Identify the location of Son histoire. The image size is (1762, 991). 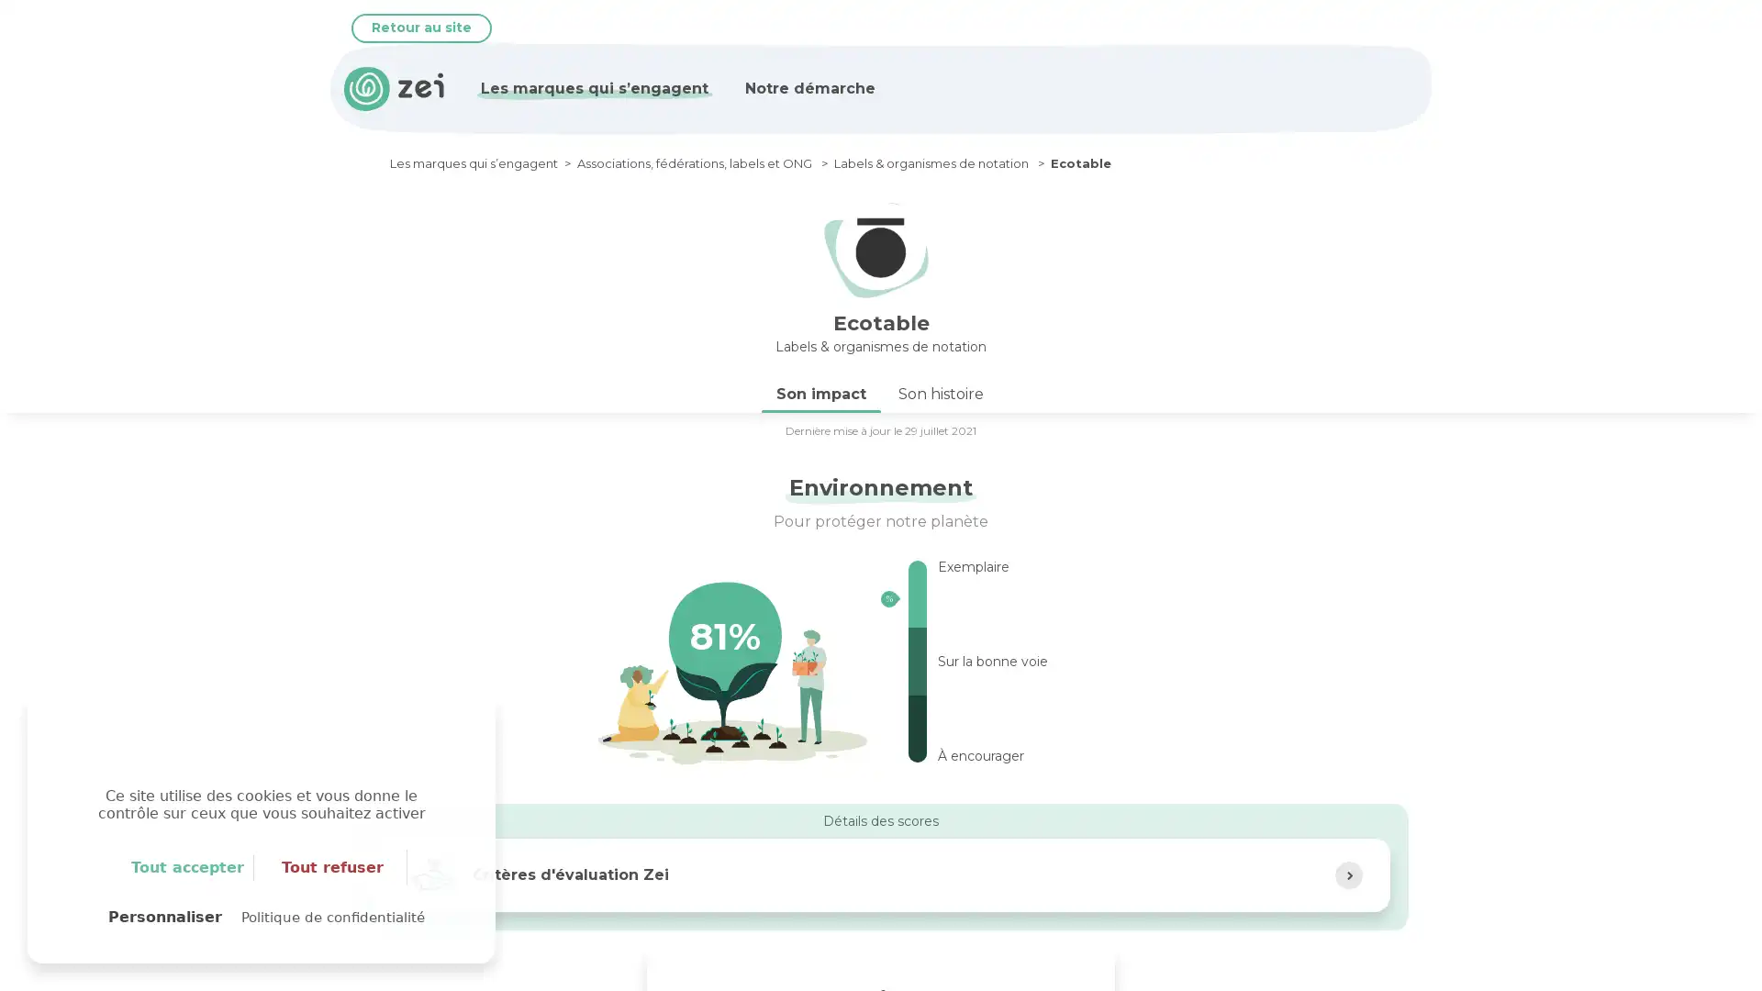
(941, 392).